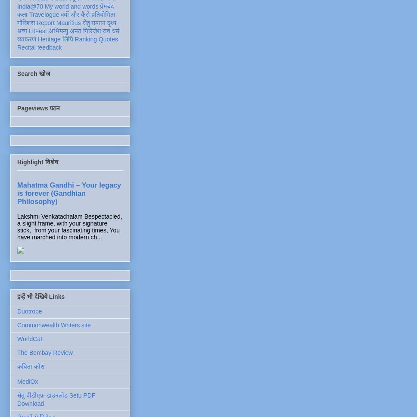 The width and height of the screenshot is (417, 417). What do you see at coordinates (53, 325) in the screenshot?
I see `'Commonwealth Writers site'` at bounding box center [53, 325].